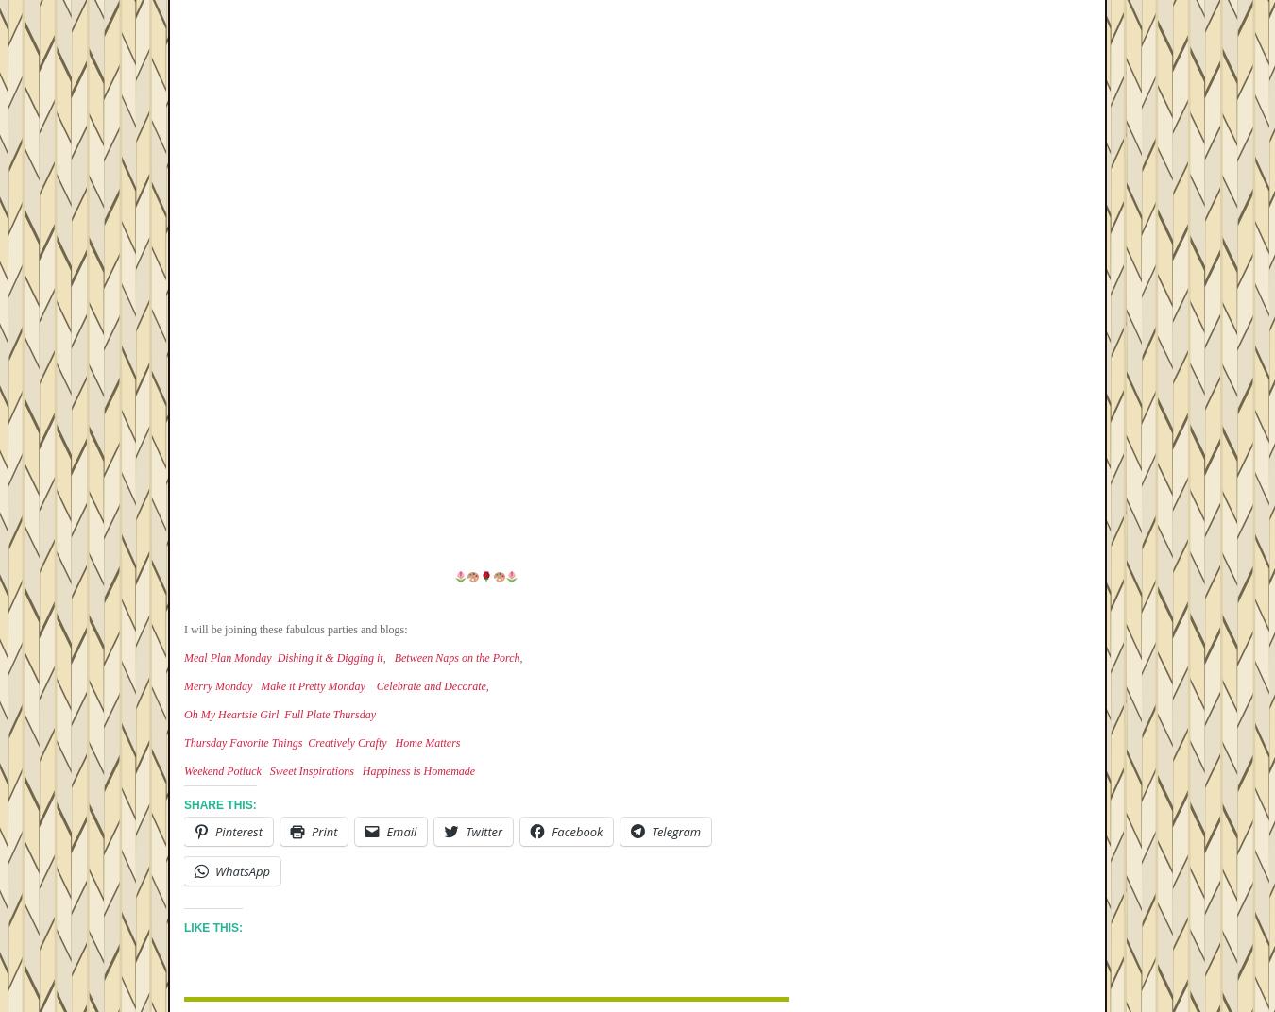  Describe the element at coordinates (226, 657) in the screenshot. I see `'Meal Plan Monday'` at that location.